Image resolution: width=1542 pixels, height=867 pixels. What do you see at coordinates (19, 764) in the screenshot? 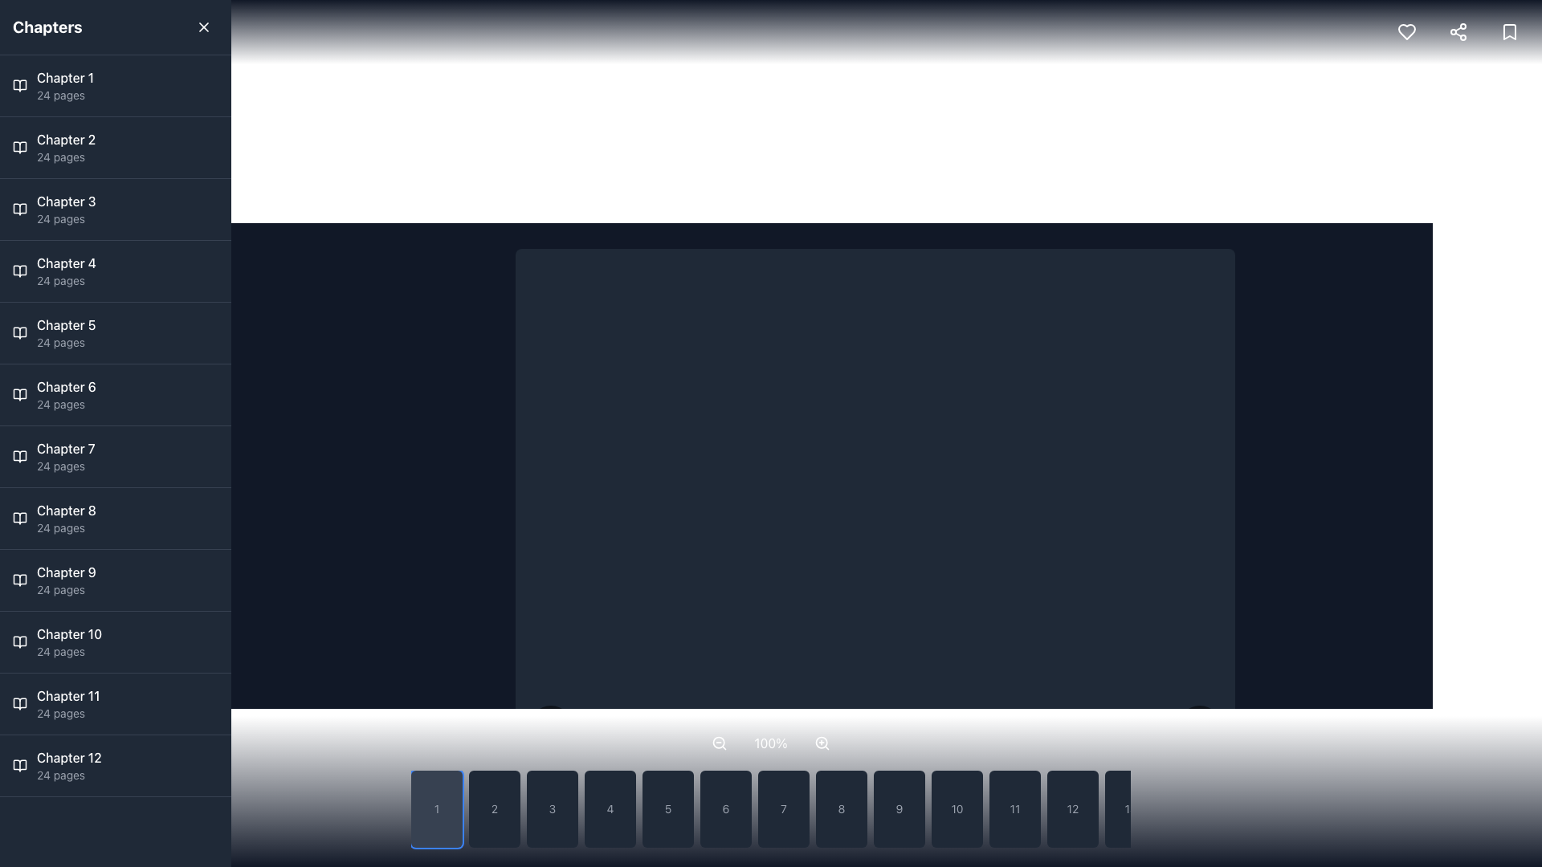
I see `the open book icon located in the left sidebar, which represents the chapter entry for 'Chapter 12' and is positioned to the left of the text 'Chapter 12' and '24 pages.'` at bounding box center [19, 764].